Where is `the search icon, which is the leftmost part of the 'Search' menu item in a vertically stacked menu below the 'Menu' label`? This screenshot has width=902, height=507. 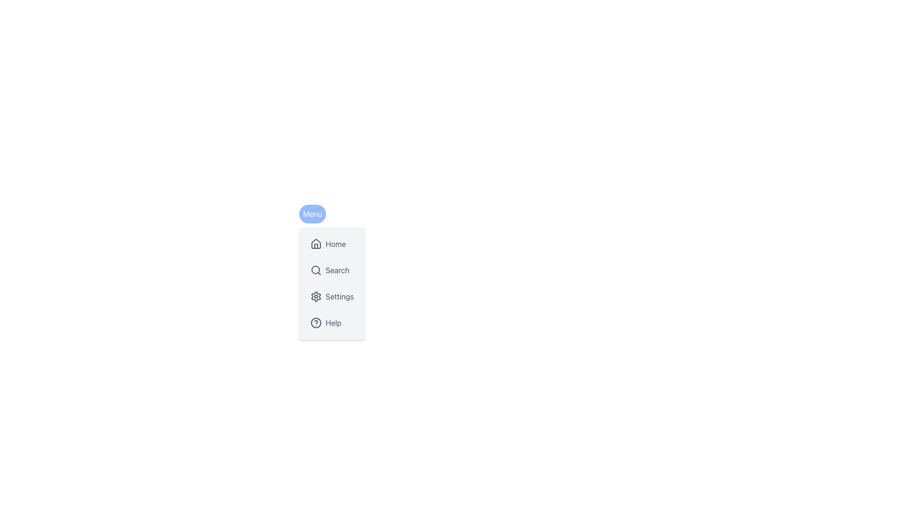
the search icon, which is the leftmost part of the 'Search' menu item in a vertically stacked menu below the 'Menu' label is located at coordinates (316, 270).